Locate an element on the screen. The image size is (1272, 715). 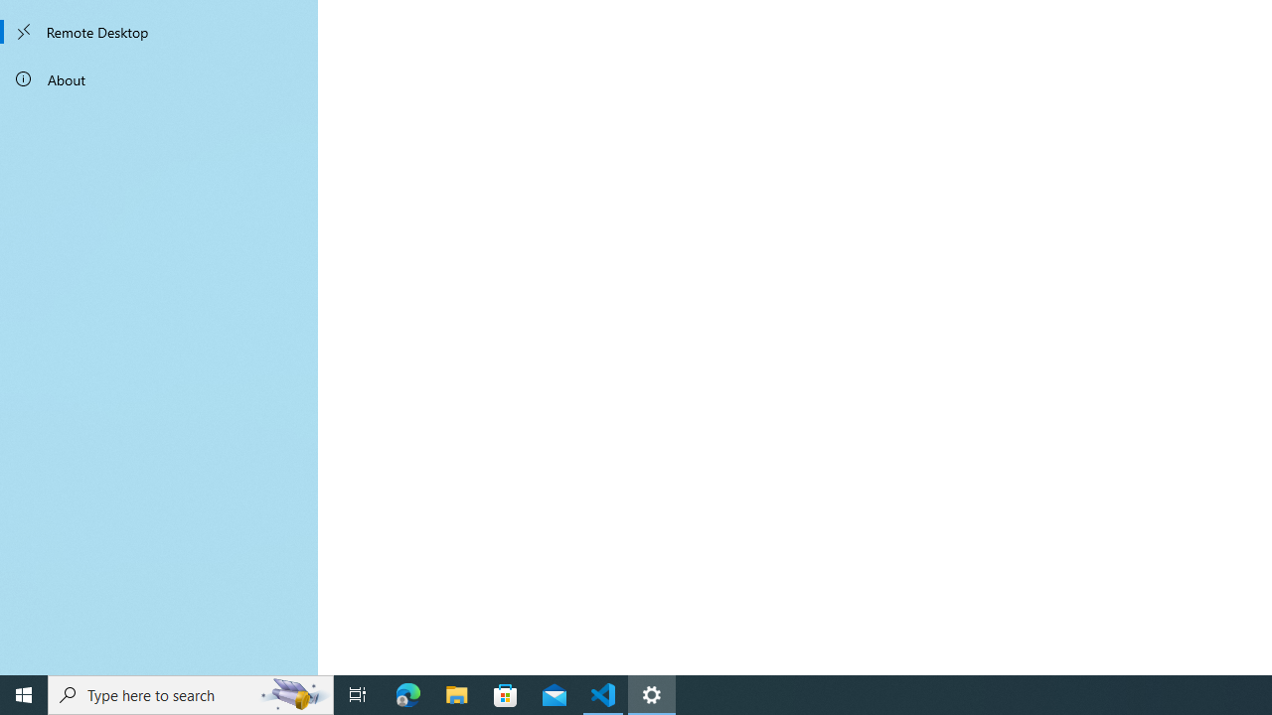
'Start' is located at coordinates (24, 693).